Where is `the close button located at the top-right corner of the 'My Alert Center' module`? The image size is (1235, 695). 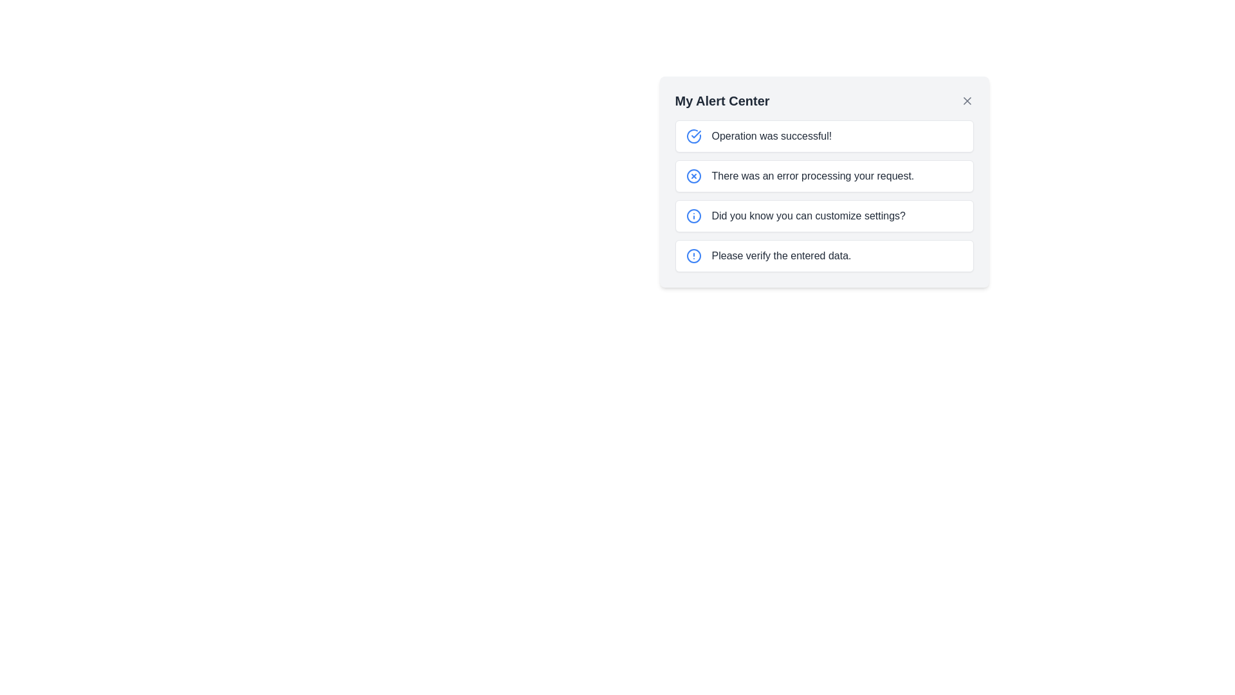 the close button located at the top-right corner of the 'My Alert Center' module is located at coordinates (967, 100).